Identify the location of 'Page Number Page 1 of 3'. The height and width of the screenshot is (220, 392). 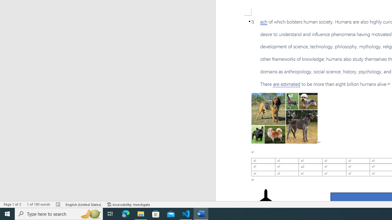
(12, 204).